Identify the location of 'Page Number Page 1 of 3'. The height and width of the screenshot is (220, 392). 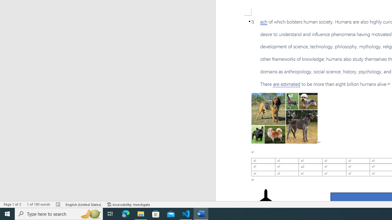
(12, 204).